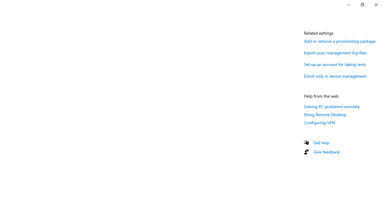 The width and height of the screenshot is (383, 215). Describe the element at coordinates (335, 76) in the screenshot. I see `'Enroll only in device management'` at that location.